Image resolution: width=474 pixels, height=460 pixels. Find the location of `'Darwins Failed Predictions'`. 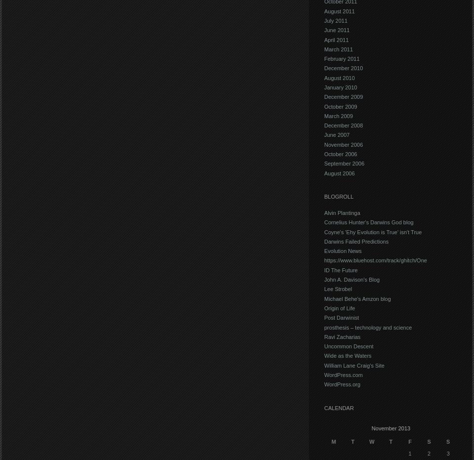

'Darwins Failed Predictions' is located at coordinates (355, 241).